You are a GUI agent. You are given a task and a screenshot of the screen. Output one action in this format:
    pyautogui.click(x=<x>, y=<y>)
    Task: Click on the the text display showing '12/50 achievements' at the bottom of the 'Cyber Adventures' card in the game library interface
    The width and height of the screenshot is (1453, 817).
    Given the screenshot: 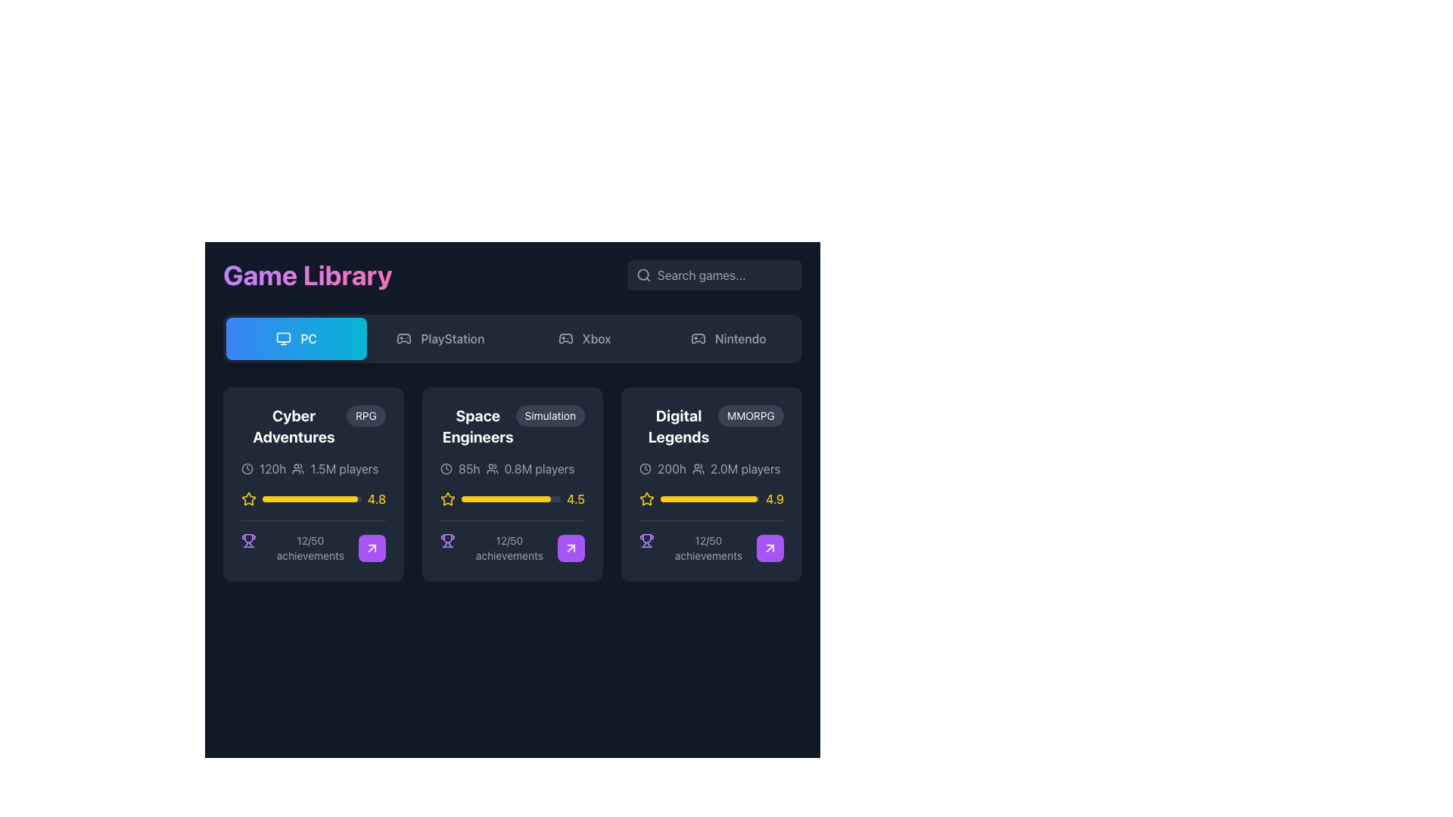 What is the action you would take?
    pyautogui.click(x=310, y=548)
    